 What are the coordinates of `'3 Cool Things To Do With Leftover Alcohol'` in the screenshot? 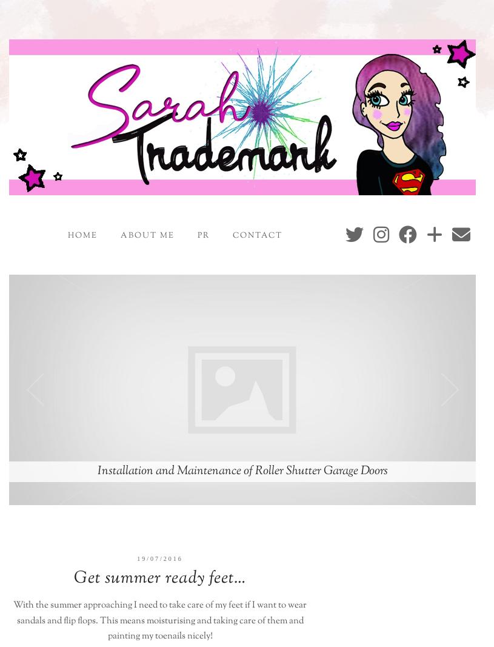 It's located at (241, 470).